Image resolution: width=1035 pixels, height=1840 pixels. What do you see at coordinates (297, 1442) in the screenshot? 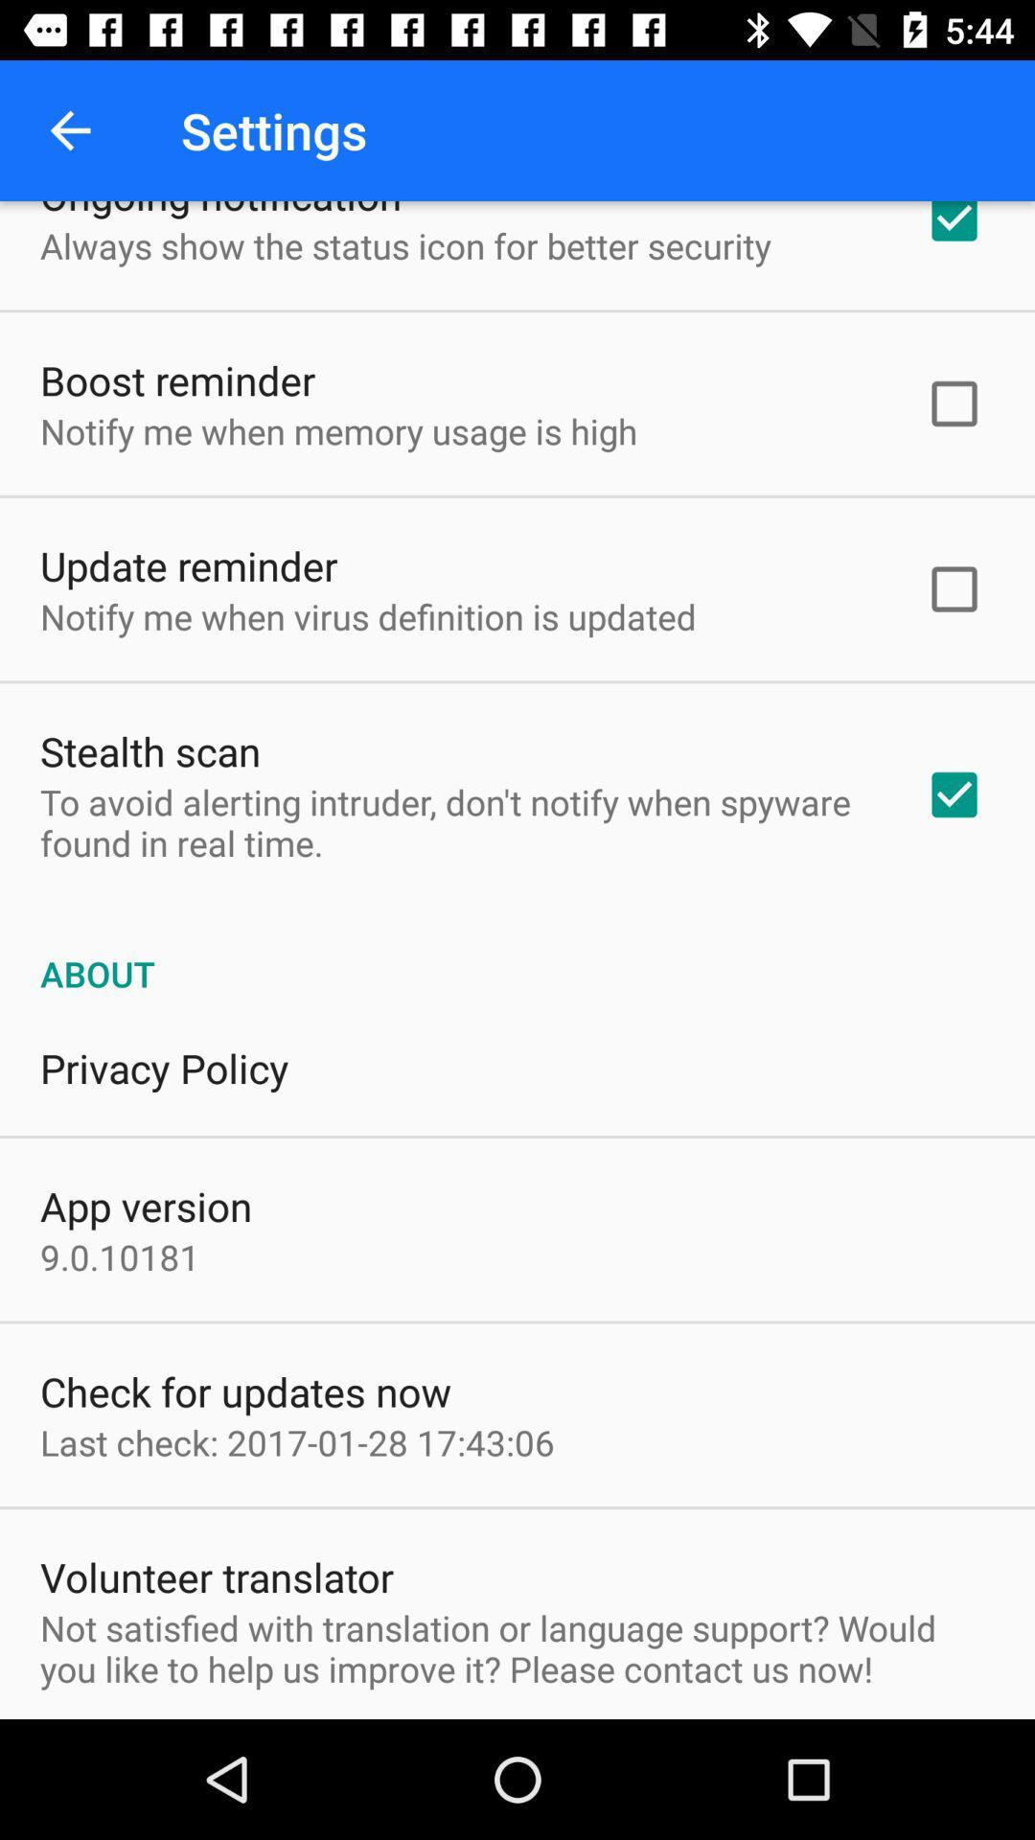
I see `the icon above volunteer translator icon` at bounding box center [297, 1442].